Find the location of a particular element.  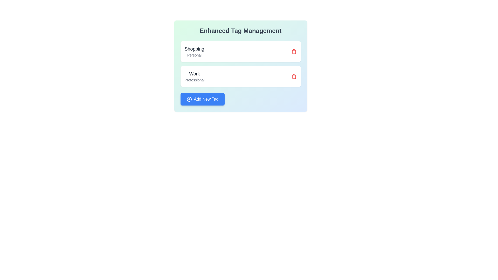

the blue button labeled 'Add New Tag' which encompasses the decorative icon indicating the action of adding a new tag or item is located at coordinates (189, 99).